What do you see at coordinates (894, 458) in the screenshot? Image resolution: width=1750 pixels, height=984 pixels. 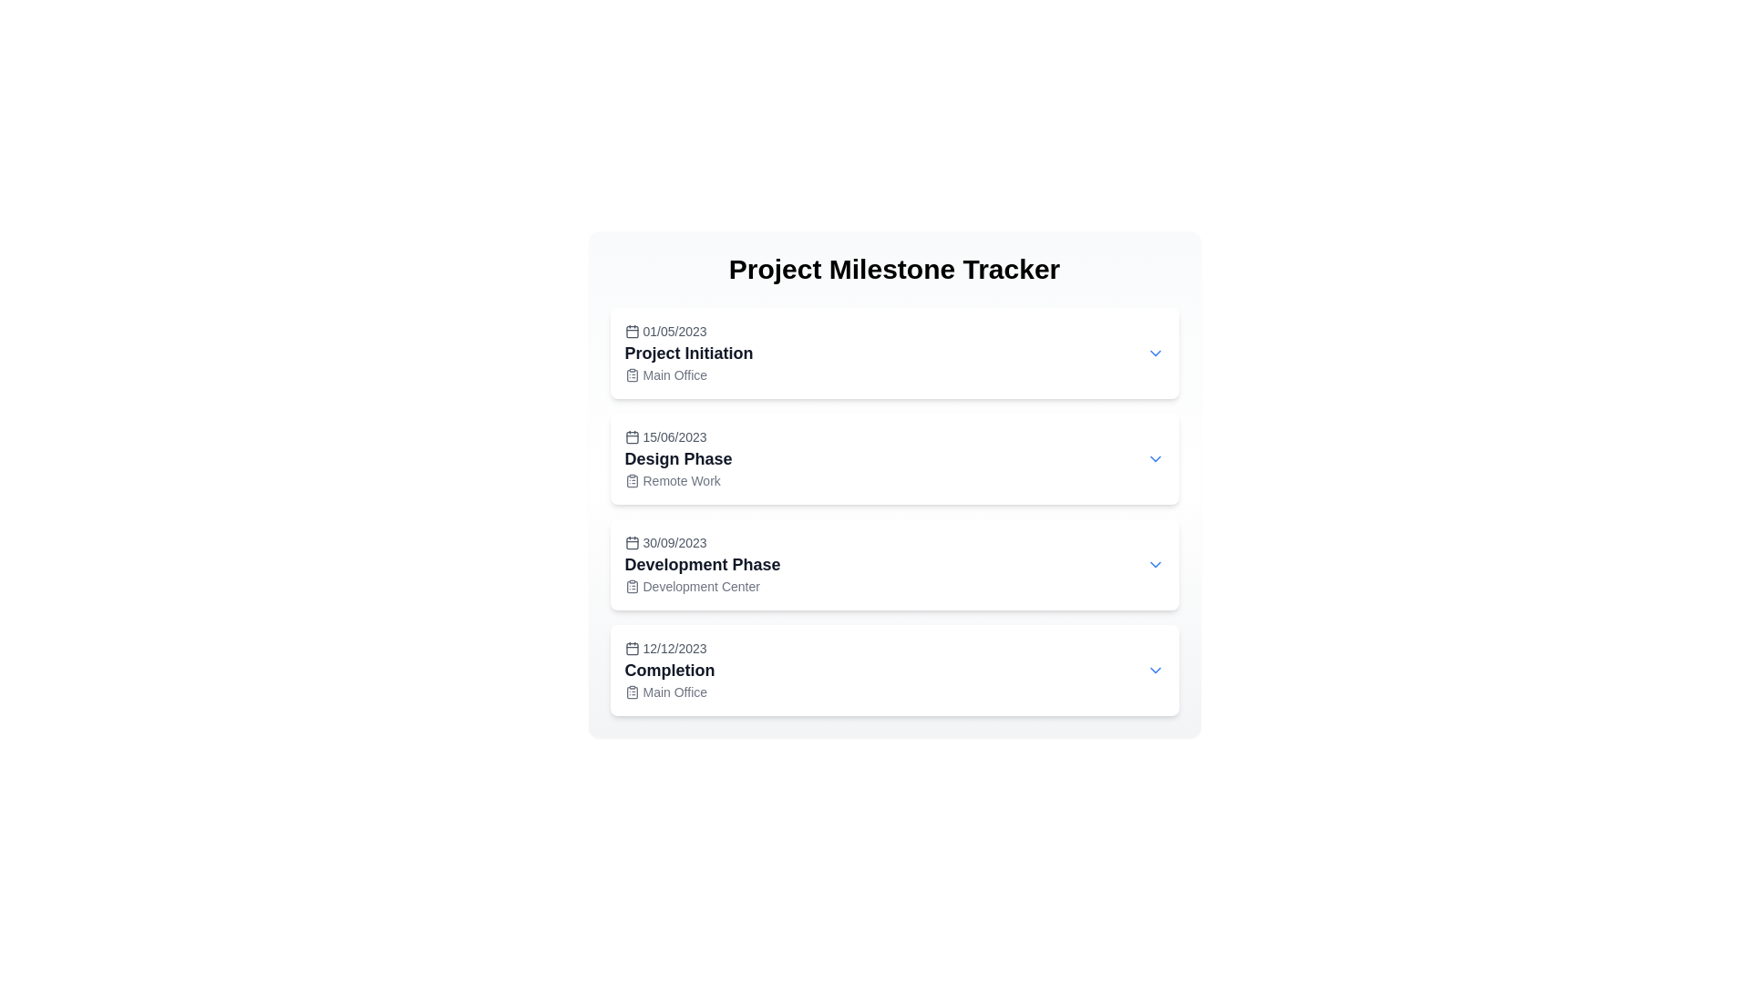 I see `the second milestone card in the Project Milestone Tracker` at bounding box center [894, 458].